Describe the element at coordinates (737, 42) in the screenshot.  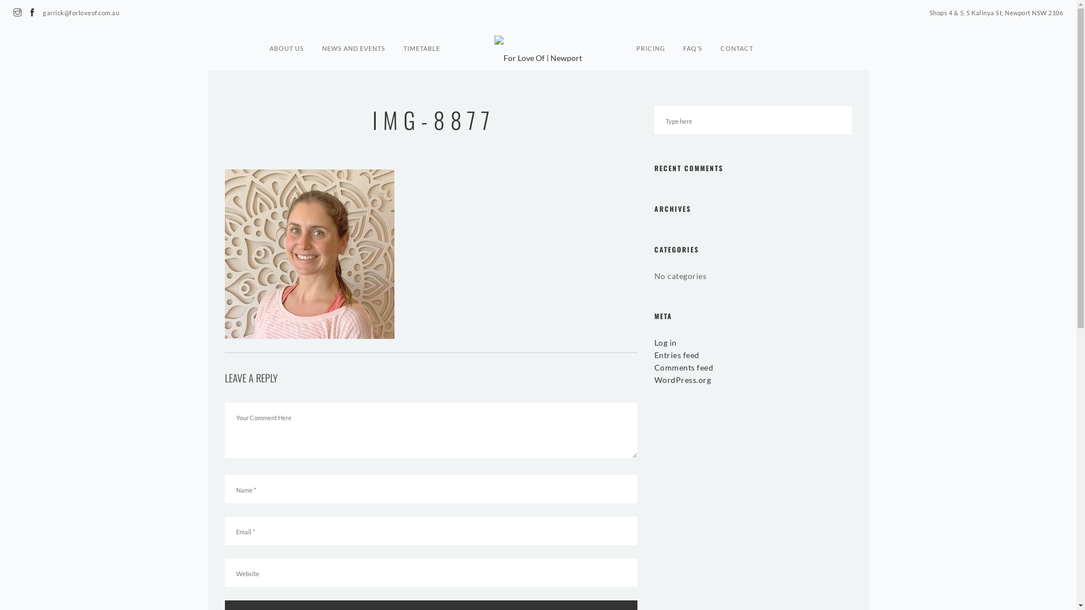
I see `'CONTACT'` at that location.